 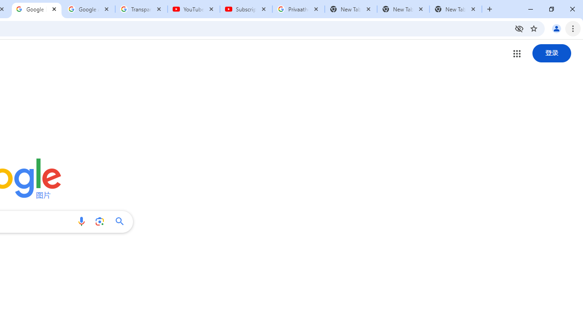 What do you see at coordinates (246, 9) in the screenshot?
I see `'Subscriptions - YouTube'` at bounding box center [246, 9].